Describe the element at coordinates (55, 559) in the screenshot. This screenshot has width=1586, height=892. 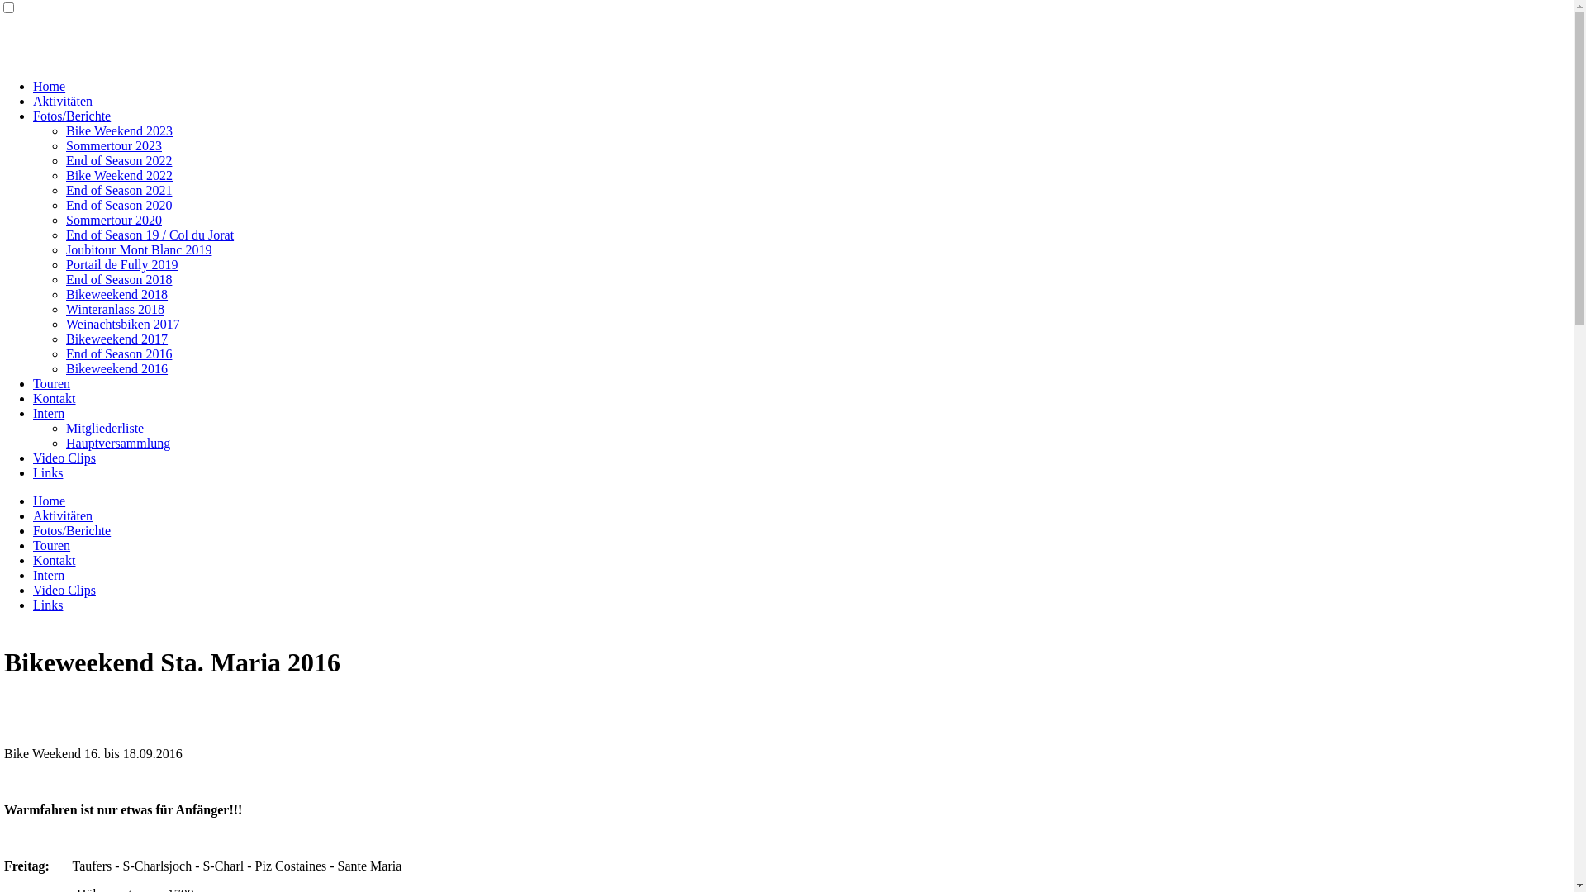
I see `'Kontakt'` at that location.